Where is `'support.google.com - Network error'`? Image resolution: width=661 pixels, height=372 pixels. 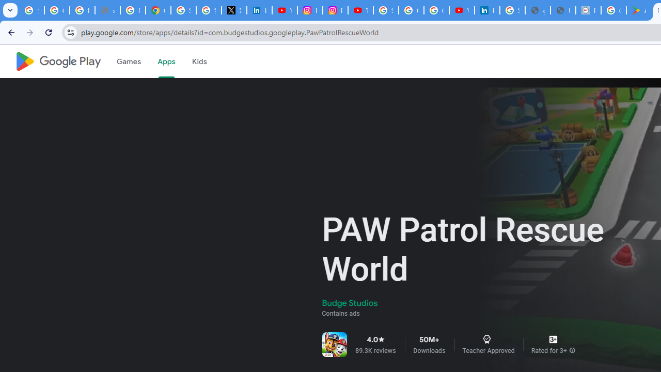
'support.google.com - Network error' is located at coordinates (107, 10).